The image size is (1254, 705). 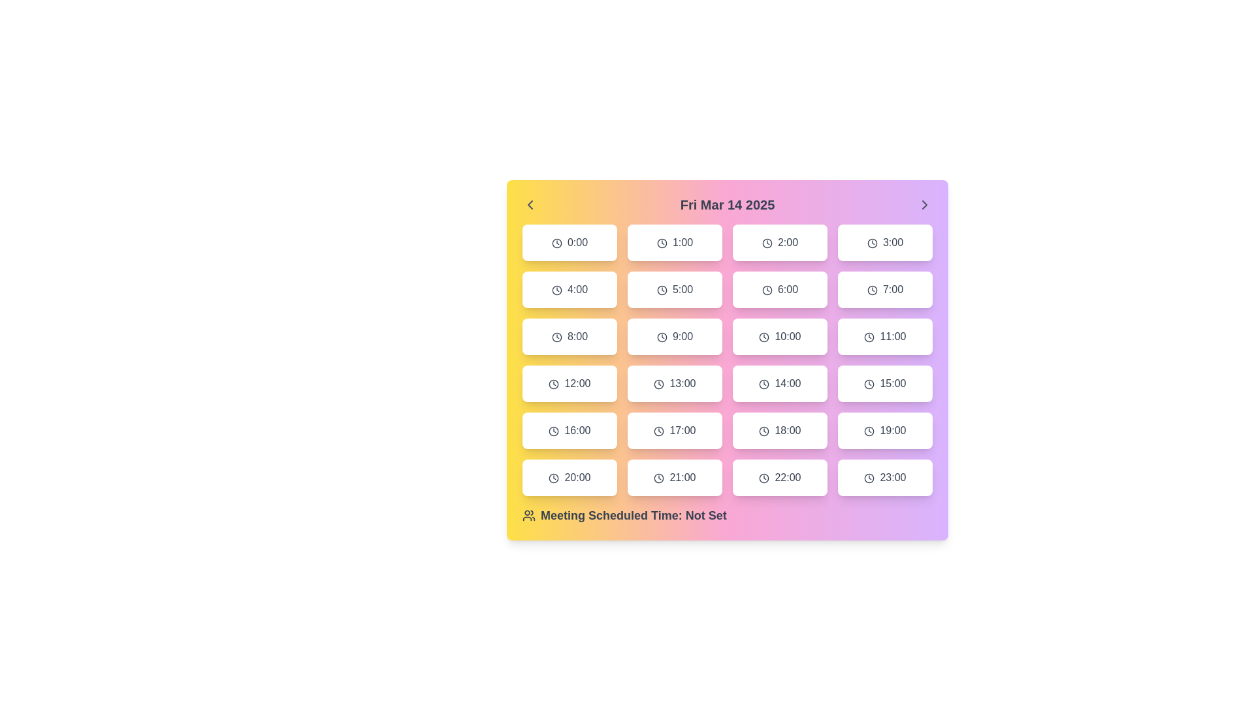 What do you see at coordinates (780, 242) in the screenshot?
I see `the time selection button located in the first row and third column of the grid layout to observe the scaling effect` at bounding box center [780, 242].